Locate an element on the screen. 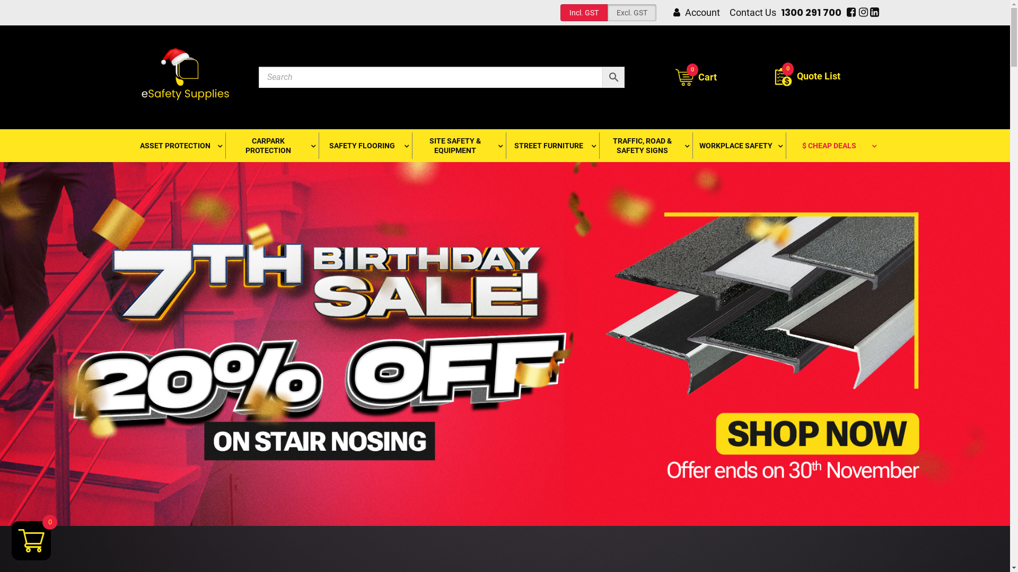 The image size is (1018, 572). '0 is located at coordinates (674, 77).